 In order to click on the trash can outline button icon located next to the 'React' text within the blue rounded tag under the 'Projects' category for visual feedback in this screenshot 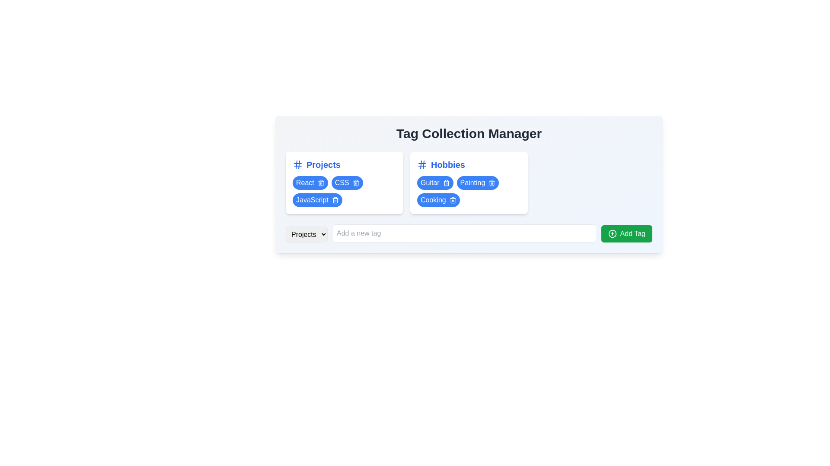, I will do `click(320, 183)`.